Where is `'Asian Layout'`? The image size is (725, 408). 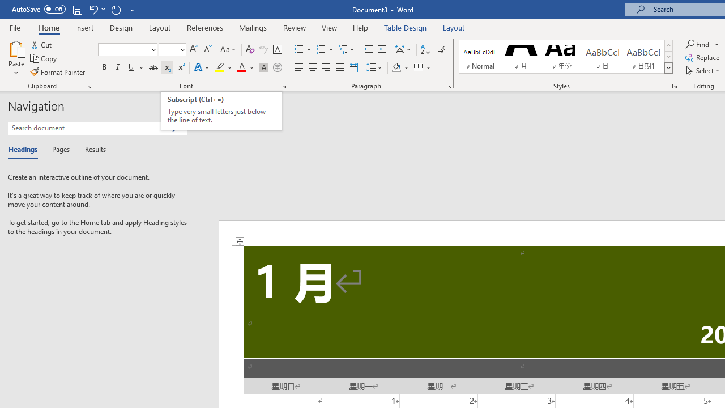
'Asian Layout' is located at coordinates (403, 49).